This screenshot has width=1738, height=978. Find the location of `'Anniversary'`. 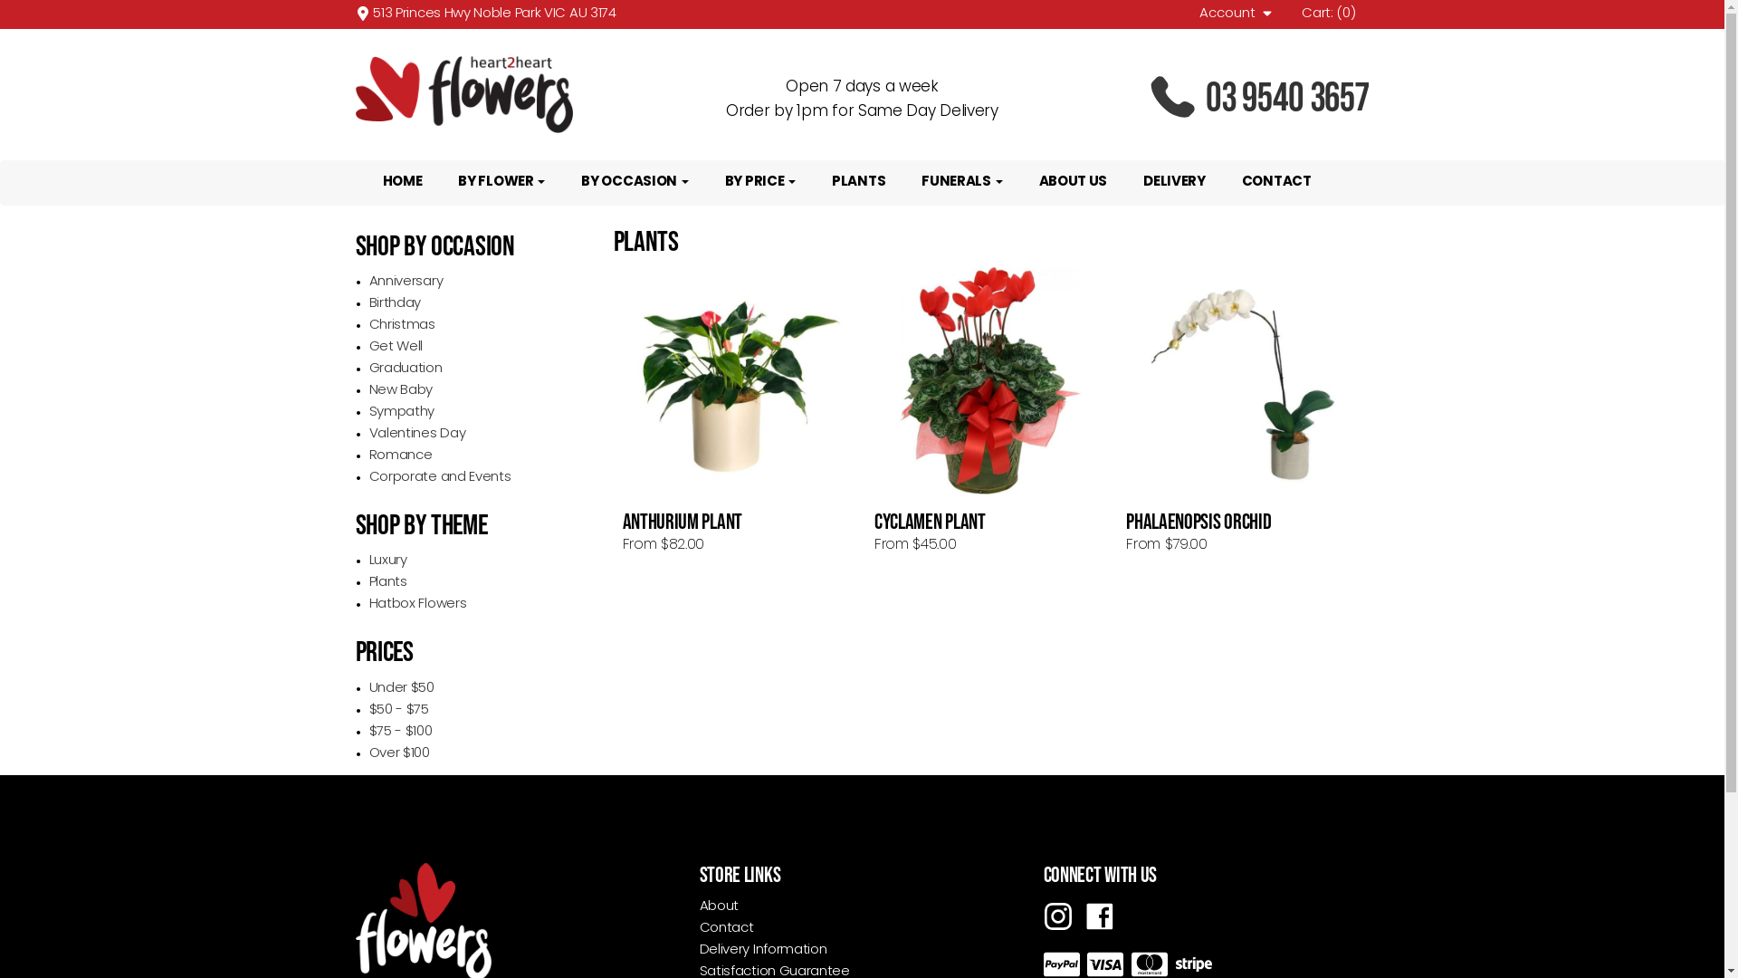

'Anniversary' is located at coordinates (406, 282).